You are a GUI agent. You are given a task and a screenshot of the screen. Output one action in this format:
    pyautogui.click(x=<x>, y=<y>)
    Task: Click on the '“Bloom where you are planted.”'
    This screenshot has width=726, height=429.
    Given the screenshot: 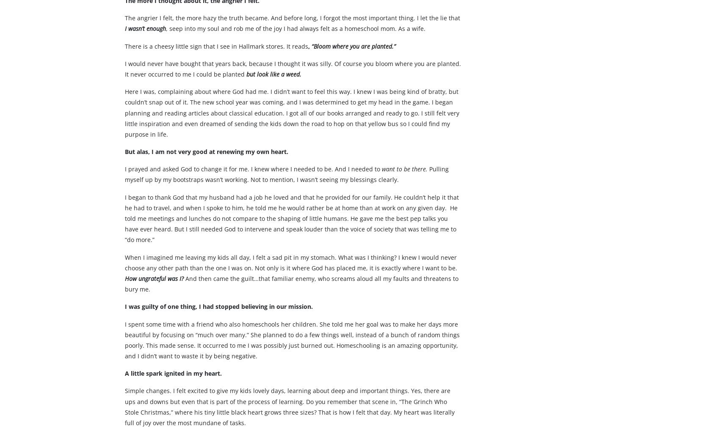 What is the action you would take?
    pyautogui.click(x=354, y=62)
    